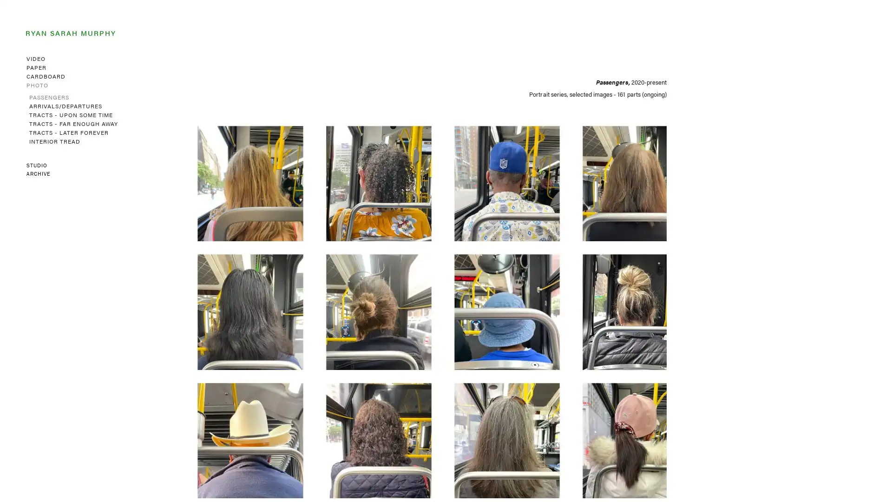 The height and width of the screenshot is (502, 892). I want to click on View fullsize Passenger 152-.jpeg, so click(351, 428).